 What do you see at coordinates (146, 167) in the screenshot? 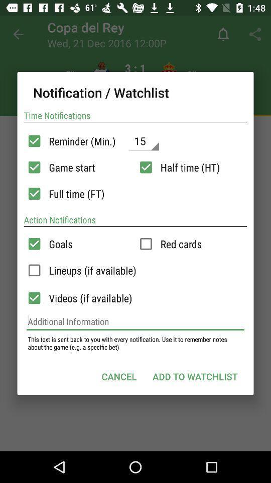
I see `time setting in scroll` at bounding box center [146, 167].